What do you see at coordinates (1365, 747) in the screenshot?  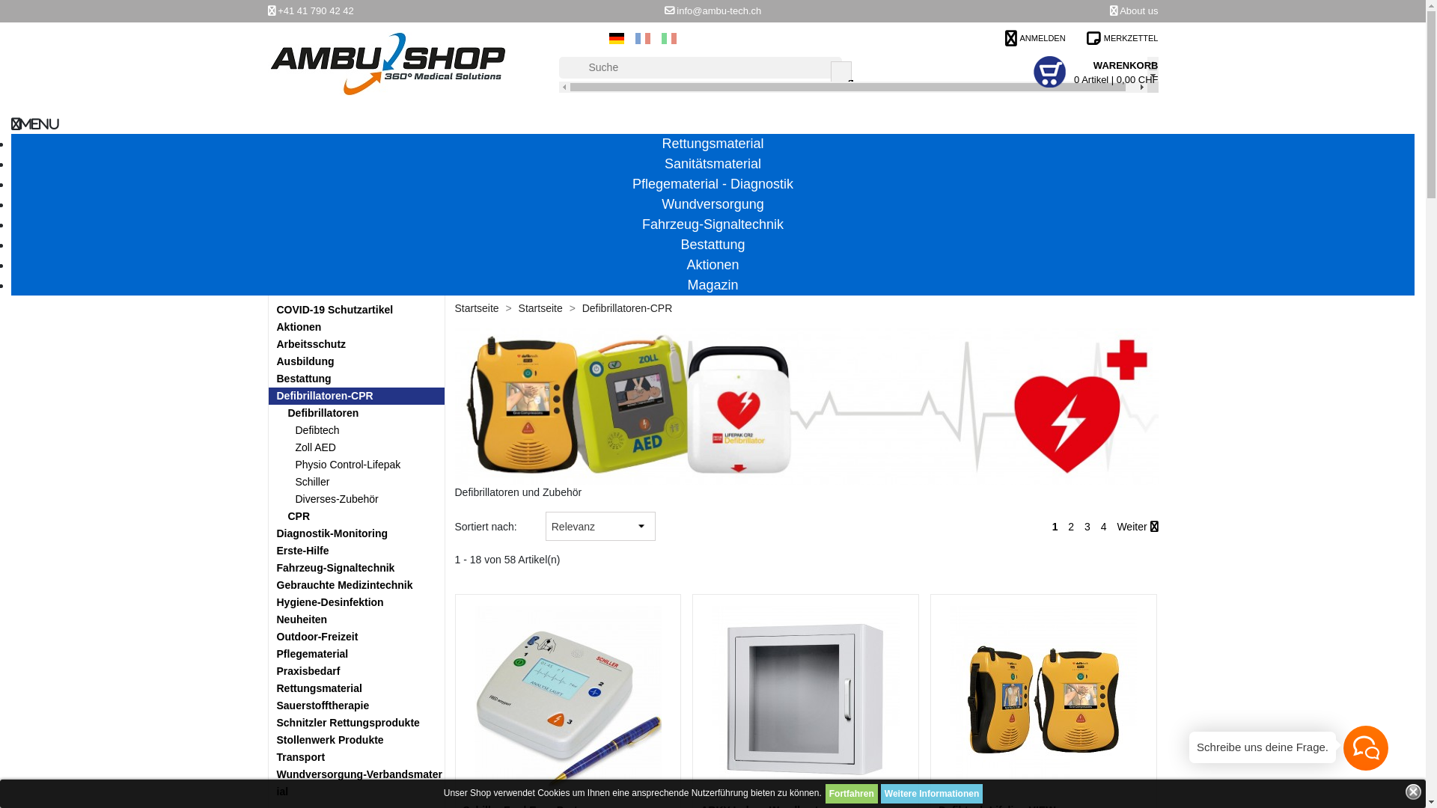 I see `'Hallo!'` at bounding box center [1365, 747].